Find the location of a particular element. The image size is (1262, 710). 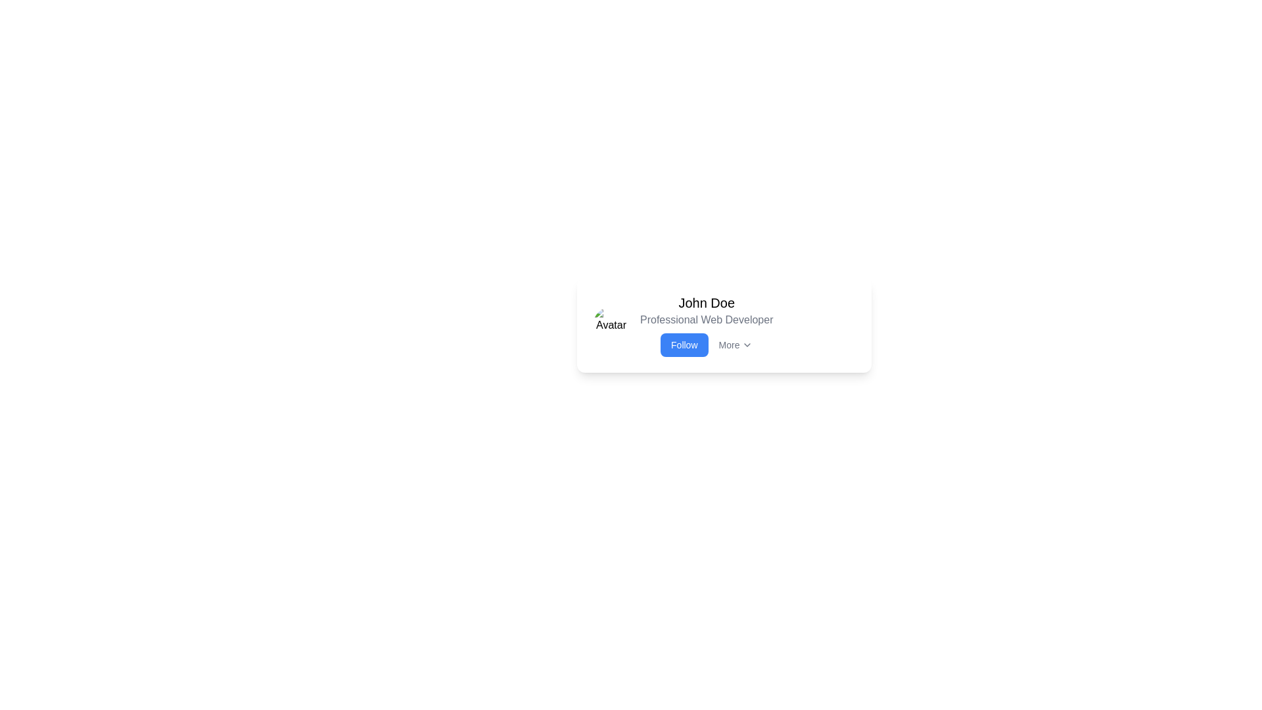

the 'More' button located next to the 'Follow' button is located at coordinates (735, 344).